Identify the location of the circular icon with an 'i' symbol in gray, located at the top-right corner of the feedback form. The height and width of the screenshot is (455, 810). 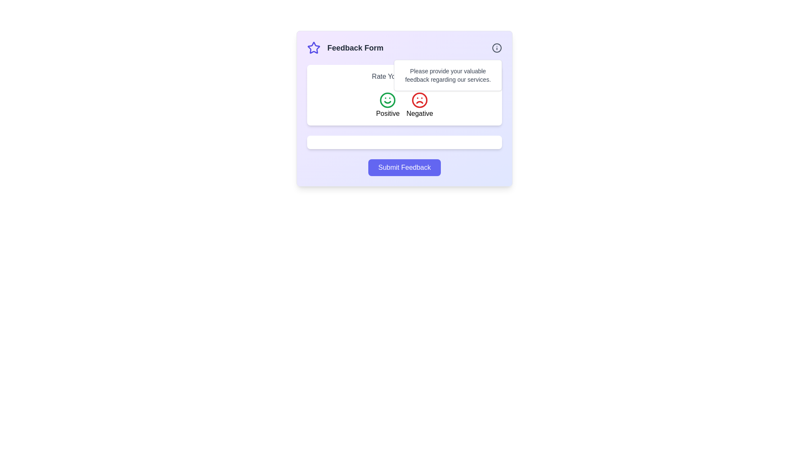
(497, 48).